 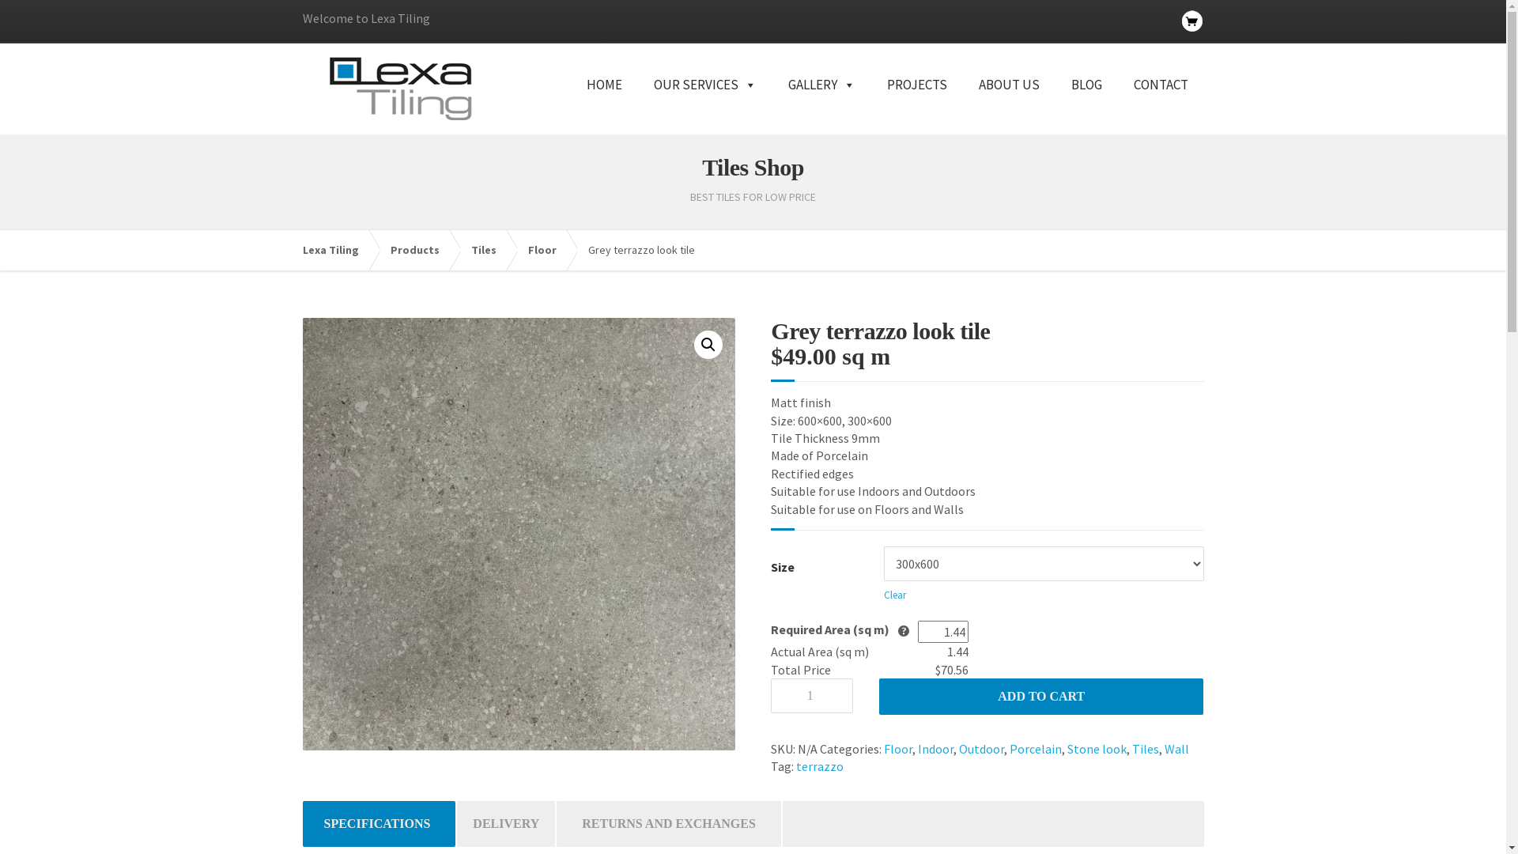 What do you see at coordinates (504, 822) in the screenshot?
I see `'DELIVERY'` at bounding box center [504, 822].